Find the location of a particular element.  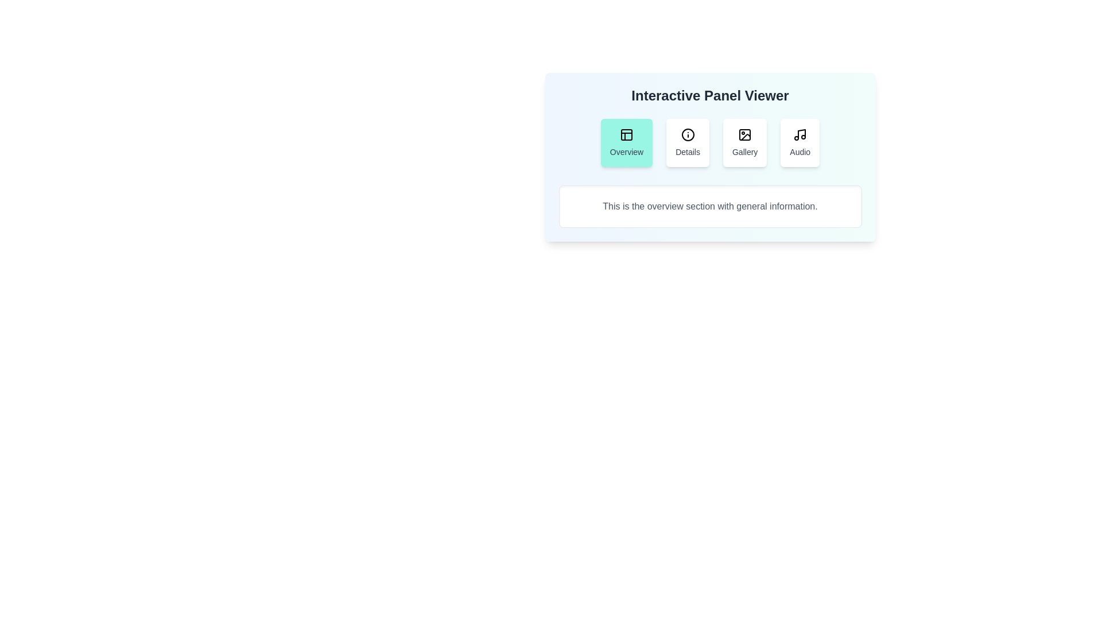

the music note icon located in the bottom-right corner of the top row of the interactive panel, which is part of the 'Audio' card and positioned above the 'Audio' label is located at coordinates (800, 134).